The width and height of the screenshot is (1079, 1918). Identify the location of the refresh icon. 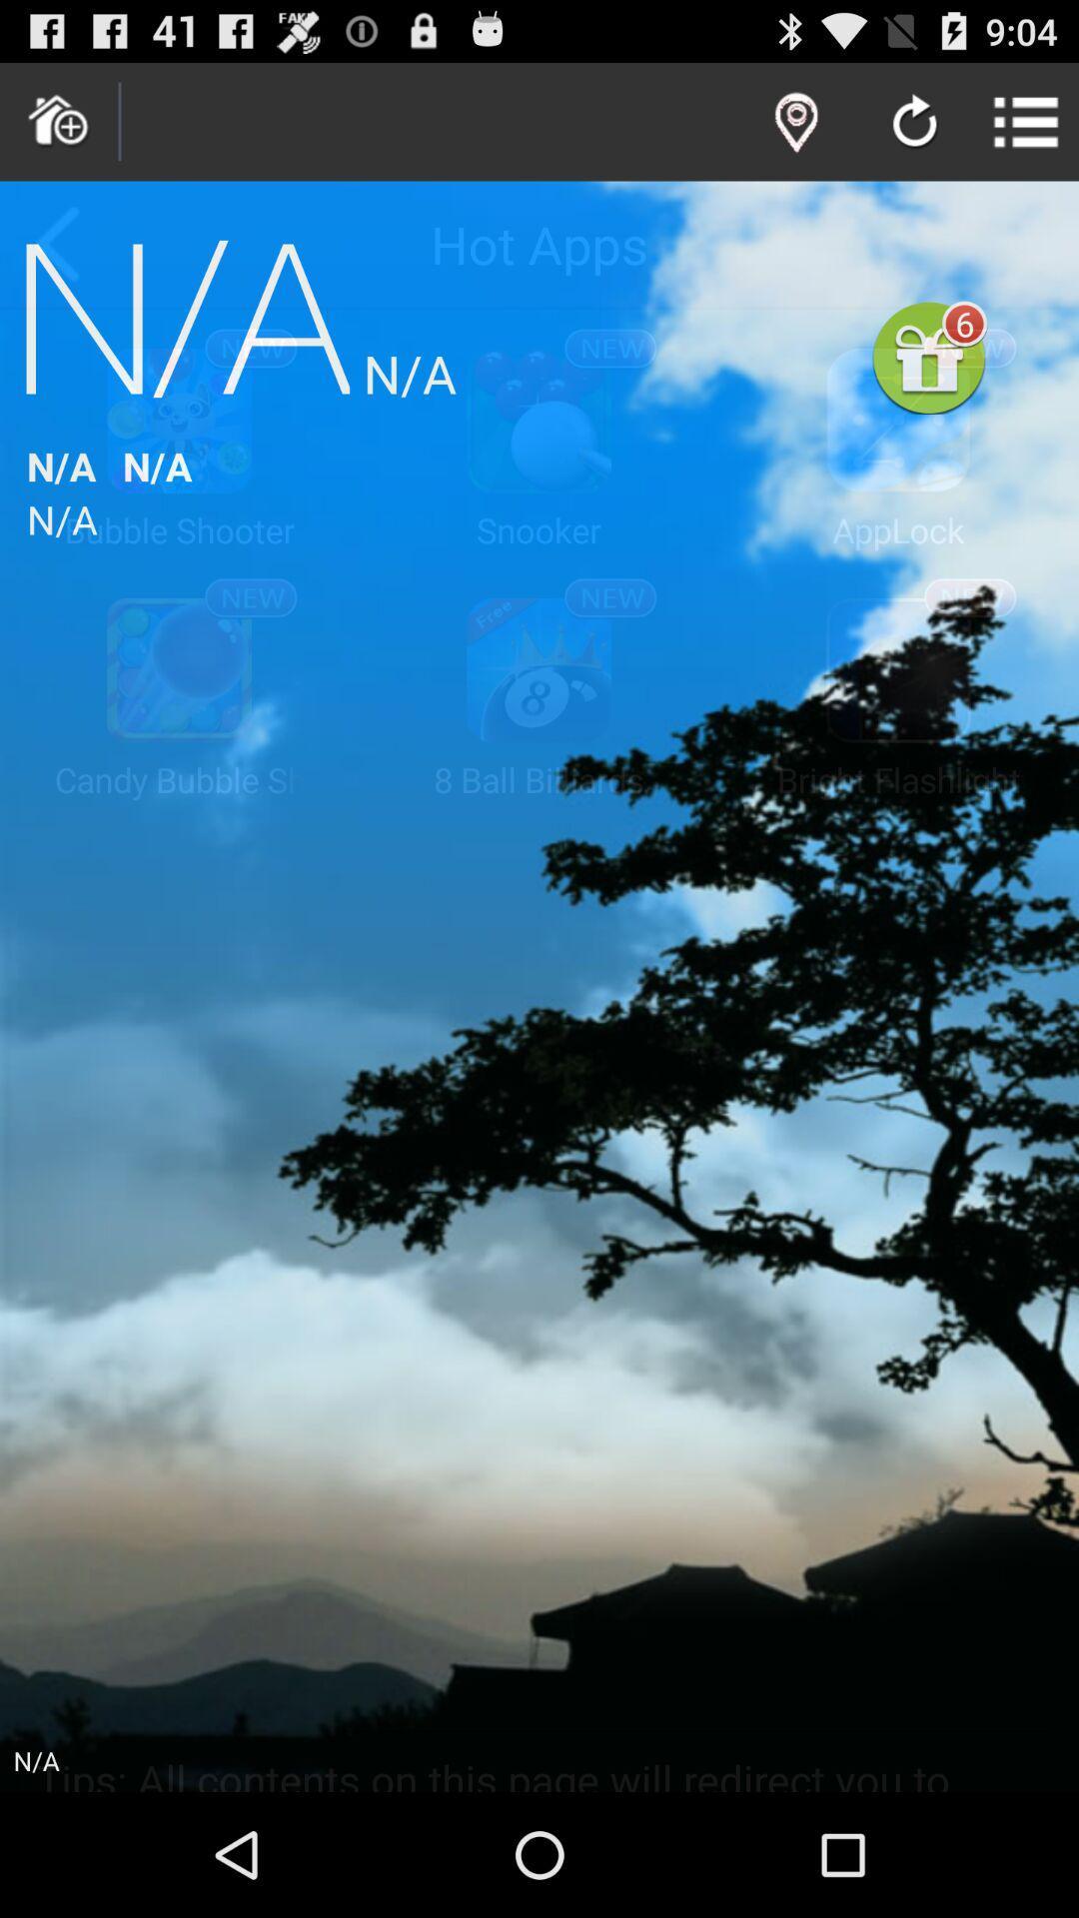
(914, 132).